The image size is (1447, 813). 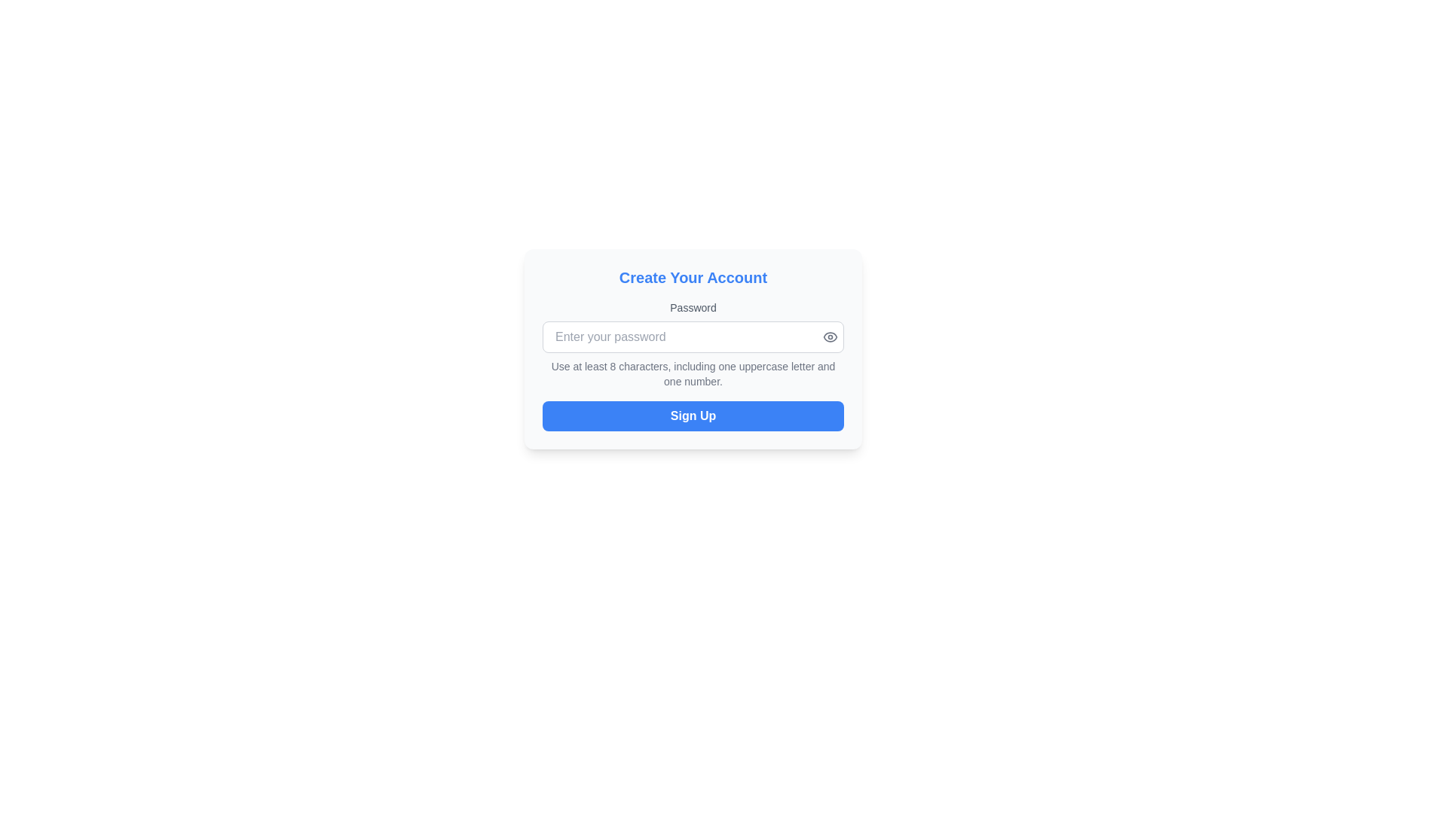 I want to click on the eye icon button, so click(x=830, y=336).